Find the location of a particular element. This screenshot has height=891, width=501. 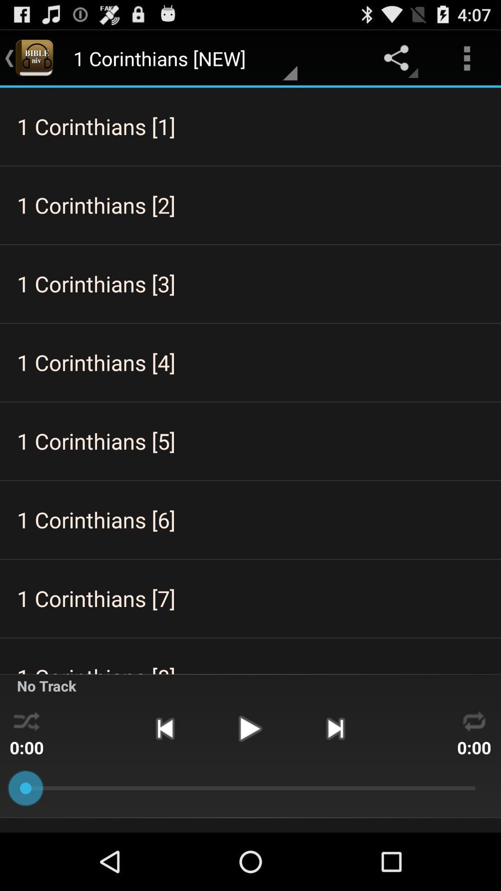

the skip_previous icon is located at coordinates (164, 780).